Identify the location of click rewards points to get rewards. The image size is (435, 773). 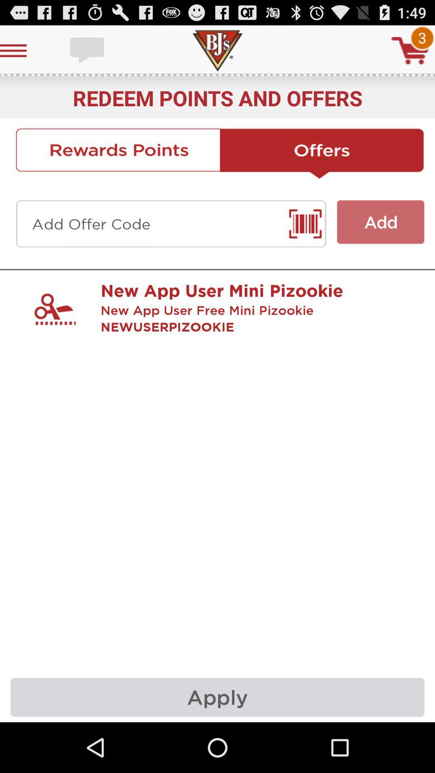
(118, 153).